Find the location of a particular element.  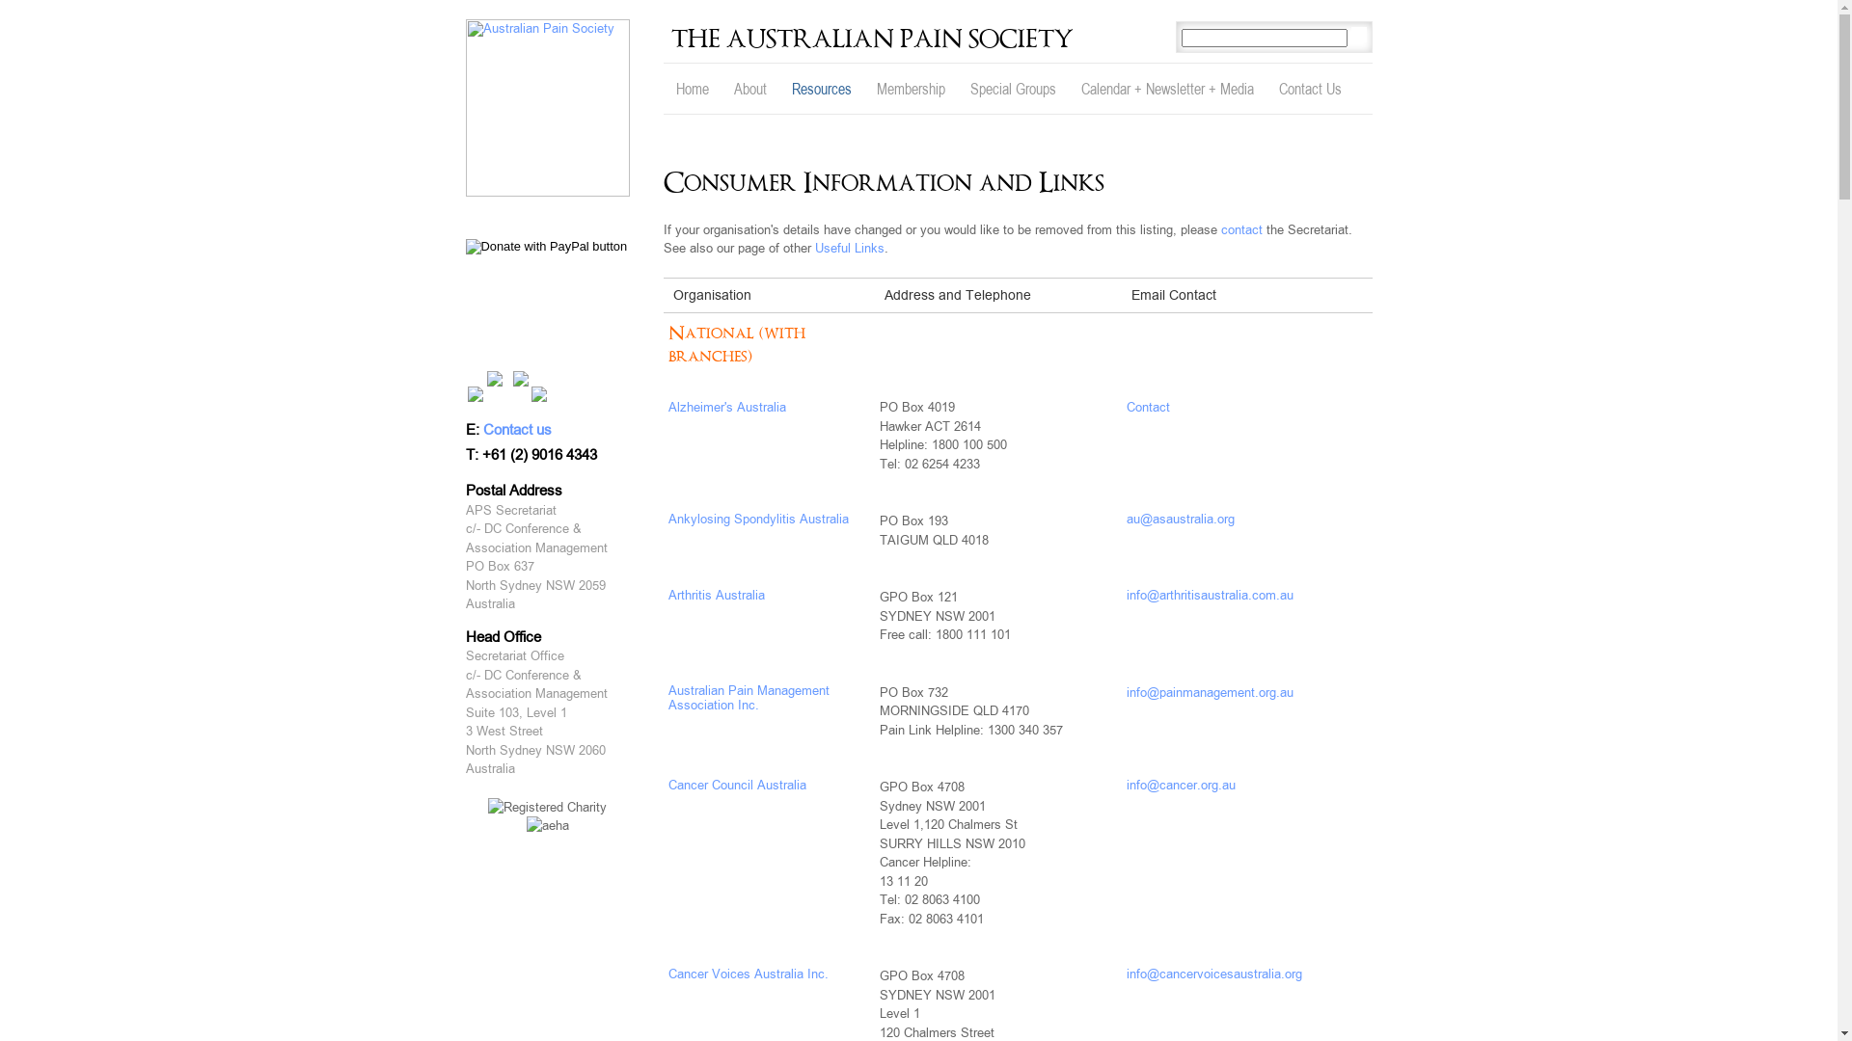

'Contact Us' is located at coordinates (1309, 89).